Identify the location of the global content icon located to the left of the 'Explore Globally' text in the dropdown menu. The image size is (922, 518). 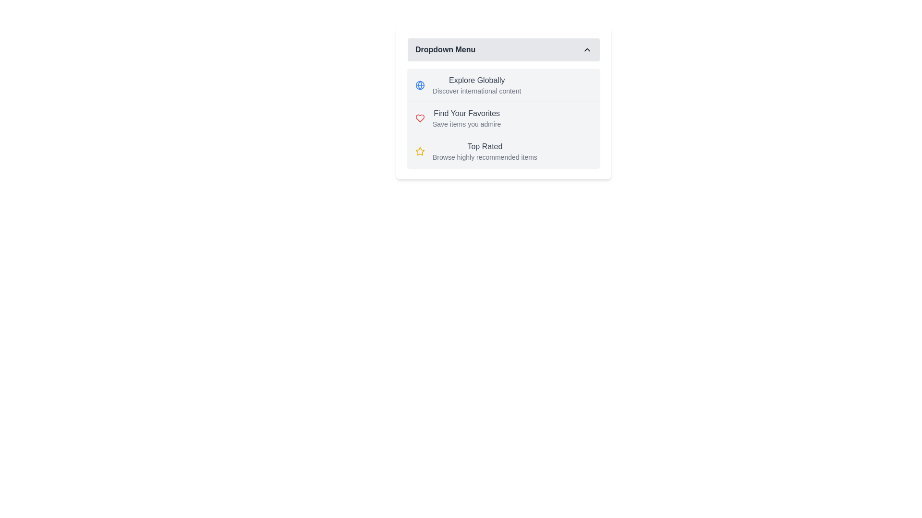
(420, 84).